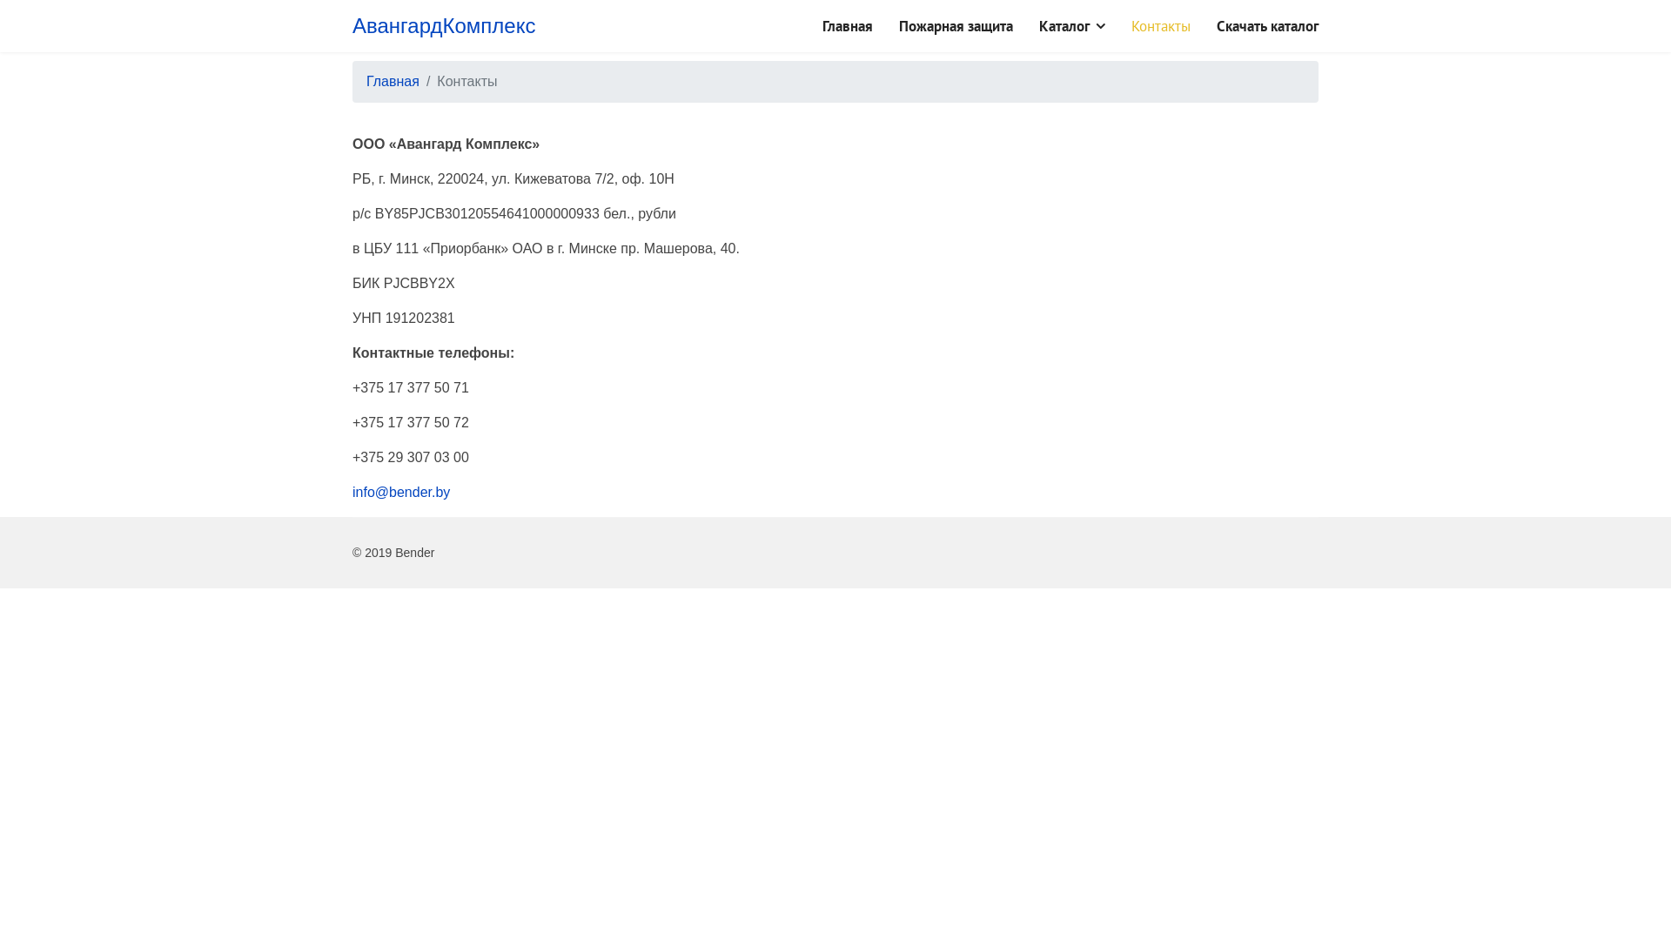 Image resolution: width=1671 pixels, height=940 pixels. Describe the element at coordinates (399, 492) in the screenshot. I see `'info@bender.by'` at that location.